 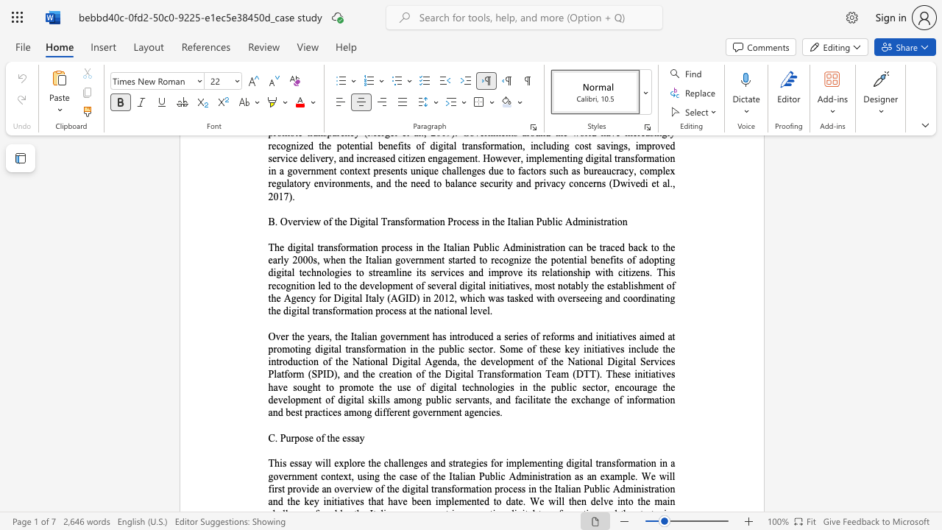 What do you see at coordinates (519, 336) in the screenshot?
I see `the subset text "es of reforms and initiatives aimed at promoting digital transformation in the public sector. Some of these key initiatives include the introduction of the National Digital Agenda, the development of the National Digital Services Platform (SPID), and the creation of the Digital Transf" within the text "Over the years, the Italian government has introduced a series of reforms and initiatives aimed at promoting digital transformation in the public sector. Some of these key initiatives include the introduction of the National Digital Agenda, the development of the National Digital Services Platform (SPID), and the creation of the Digital Transformation Team (DTT). These initiatives have"` at bounding box center [519, 336].